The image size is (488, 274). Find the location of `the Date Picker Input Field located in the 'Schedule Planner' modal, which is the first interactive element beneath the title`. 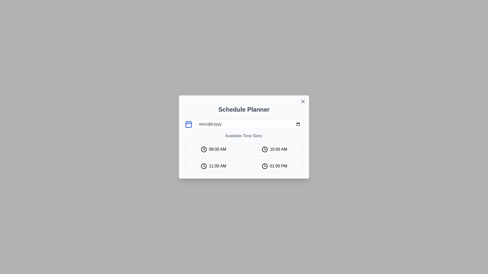

the Date Picker Input Field located in the 'Schedule Planner' modal, which is the first interactive element beneath the title is located at coordinates (244, 124).